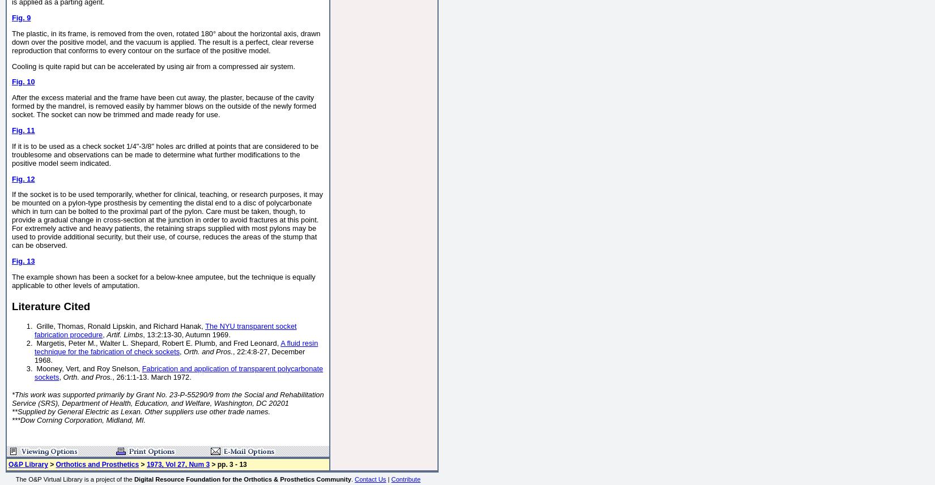  Describe the element at coordinates (120, 325) in the screenshot. I see `'Grille, Thomas, Ronald Lipskin, and Richard Hanak,'` at that location.